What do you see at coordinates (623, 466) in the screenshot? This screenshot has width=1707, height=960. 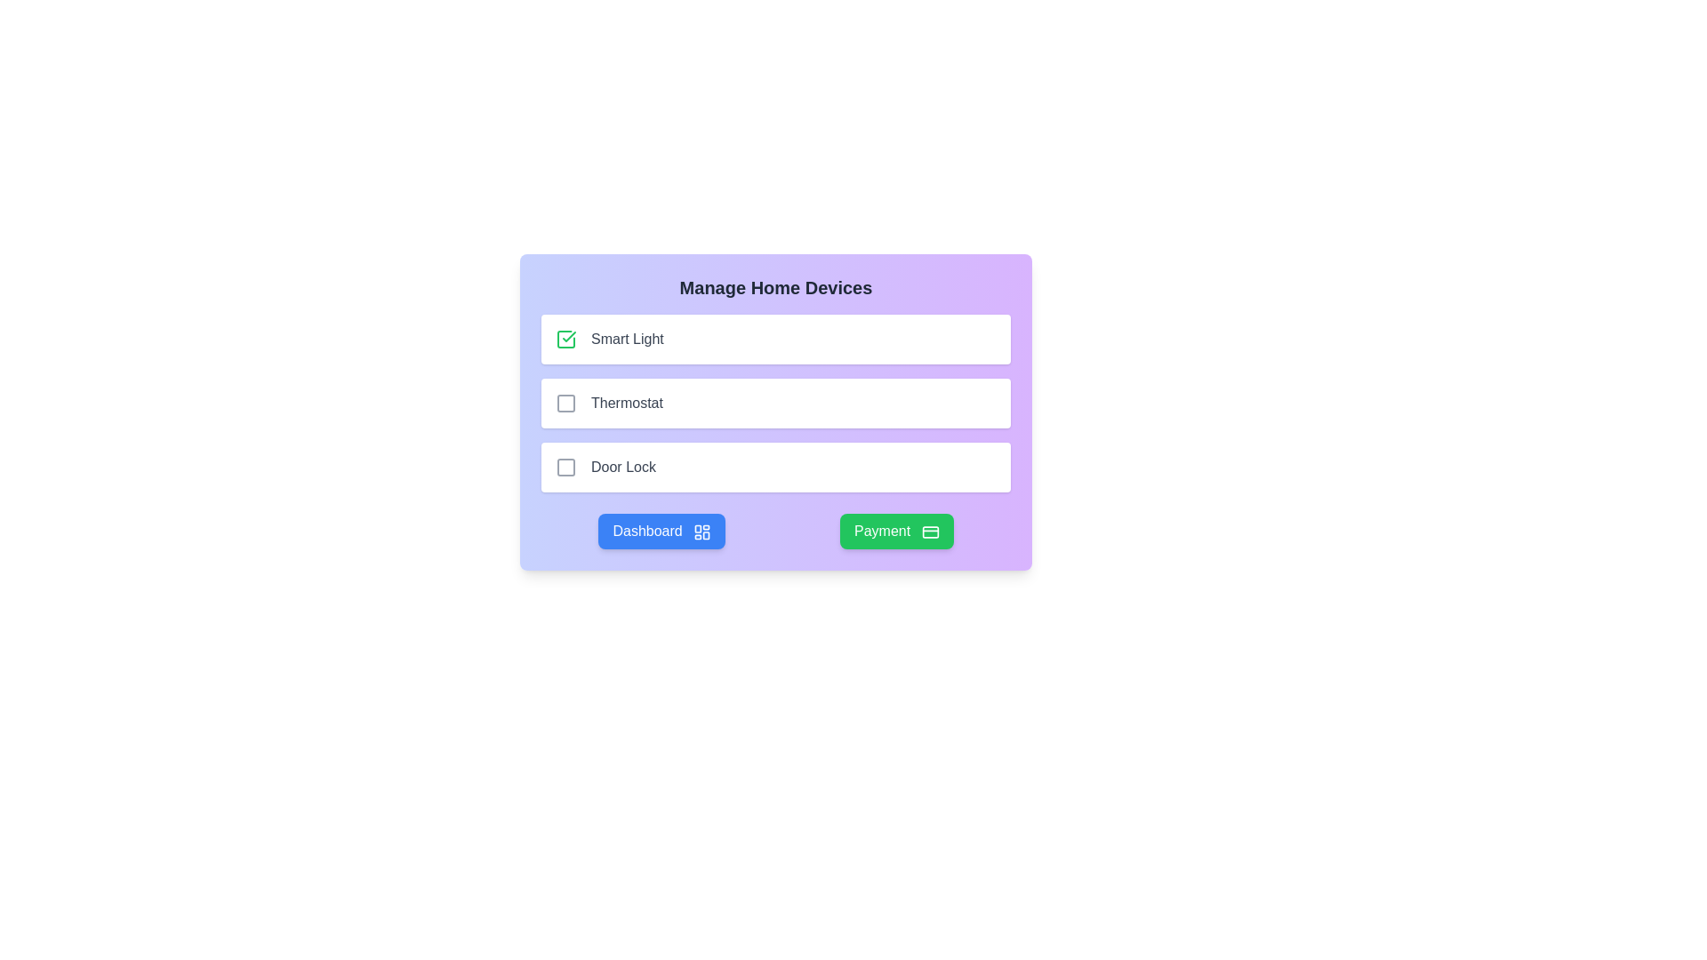 I see `the 'Door Lock' label in the third row of the 'Manage Home Devices' section, which provides information about the associated checkbox` at bounding box center [623, 466].